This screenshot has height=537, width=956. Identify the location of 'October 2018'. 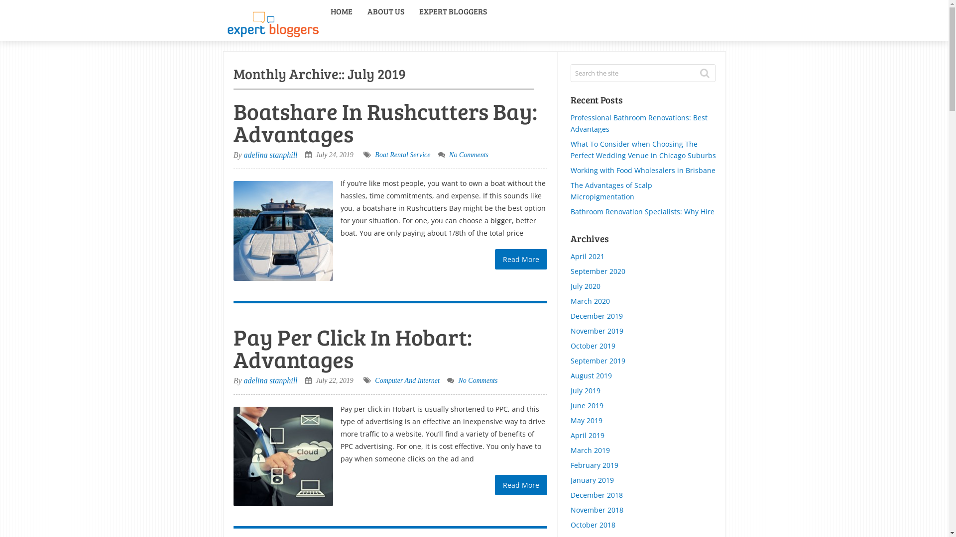
(593, 524).